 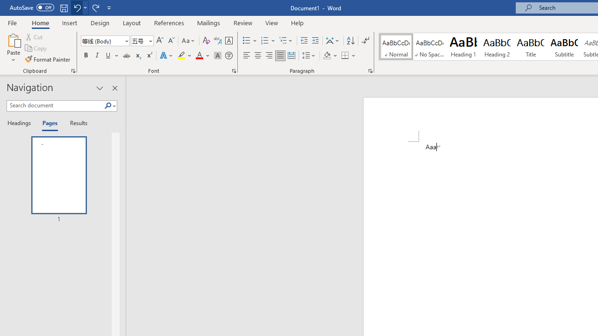 What do you see at coordinates (315, 40) in the screenshot?
I see `'Increase Indent'` at bounding box center [315, 40].